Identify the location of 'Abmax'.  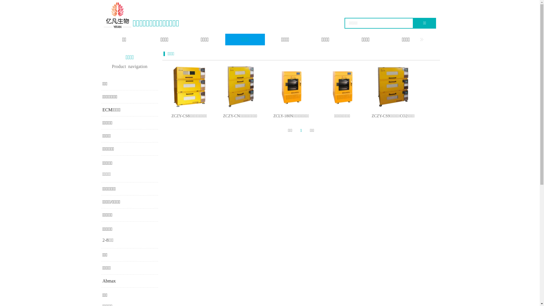
(109, 281).